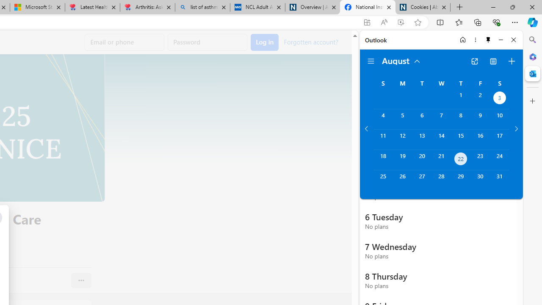 The height and width of the screenshot is (305, 542). Describe the element at coordinates (460, 98) in the screenshot. I see `'Thursday, August 1, 2024. '` at that location.